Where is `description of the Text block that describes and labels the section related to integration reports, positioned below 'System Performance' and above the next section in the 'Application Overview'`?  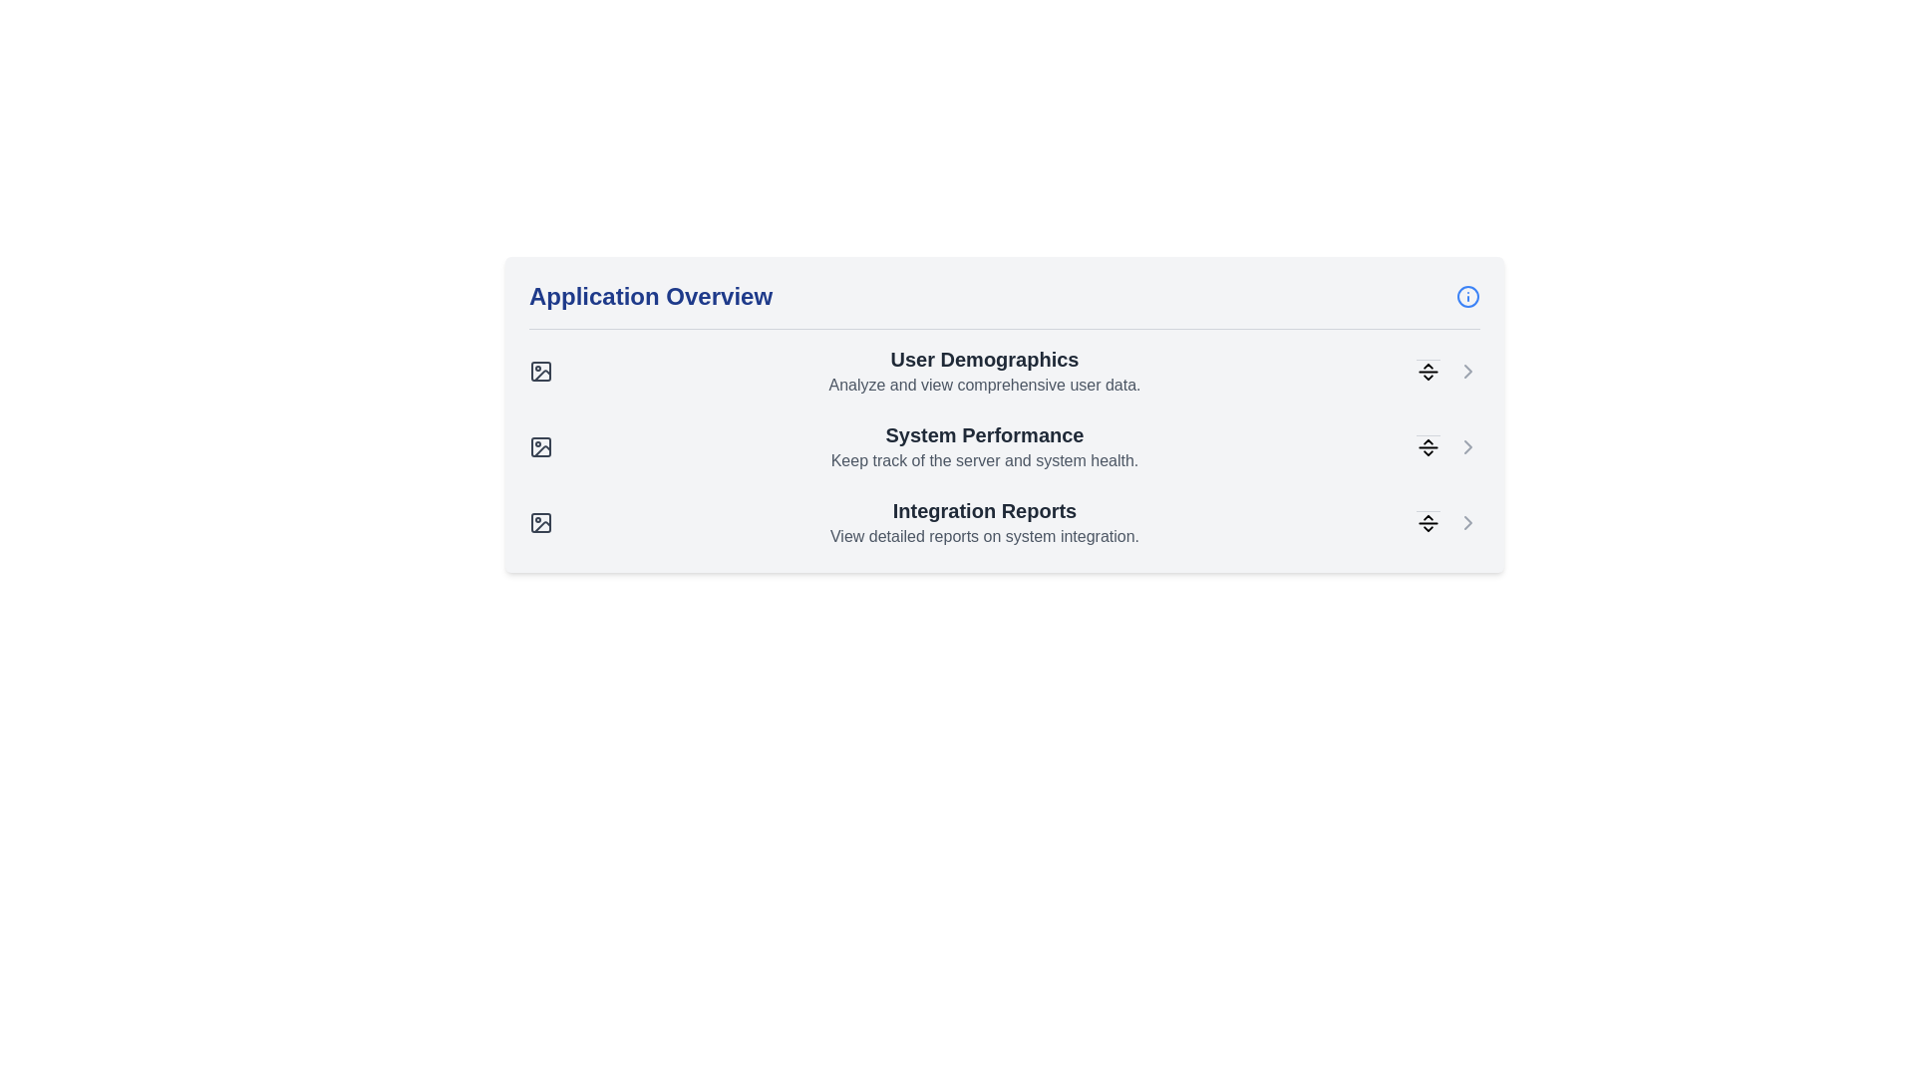 description of the Text block that describes and labels the section related to integration reports, positioned below 'System Performance' and above the next section in the 'Application Overview' is located at coordinates (985, 521).